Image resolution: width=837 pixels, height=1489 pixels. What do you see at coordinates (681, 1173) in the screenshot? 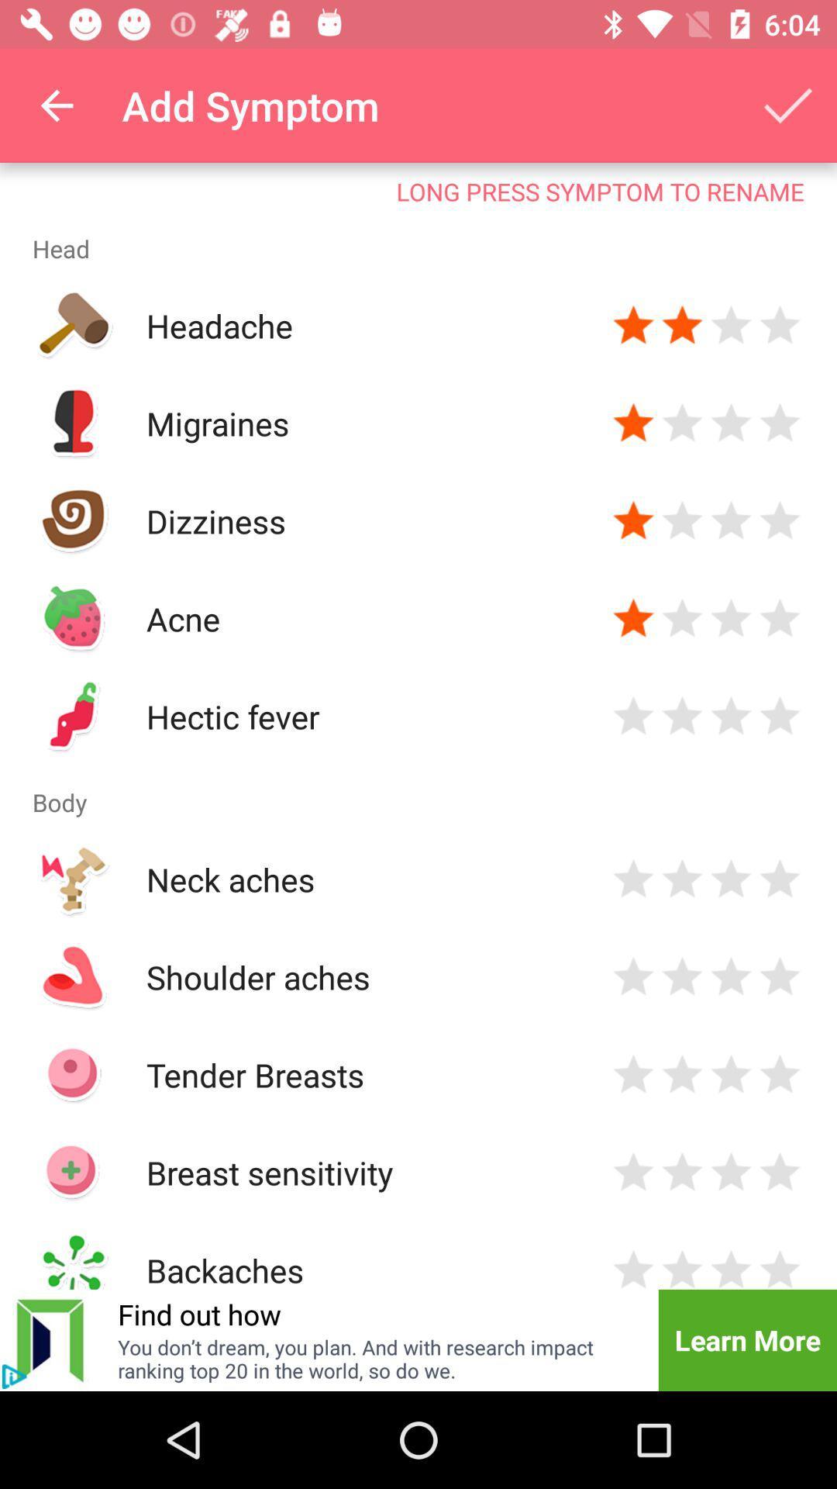
I see `two stars` at bounding box center [681, 1173].